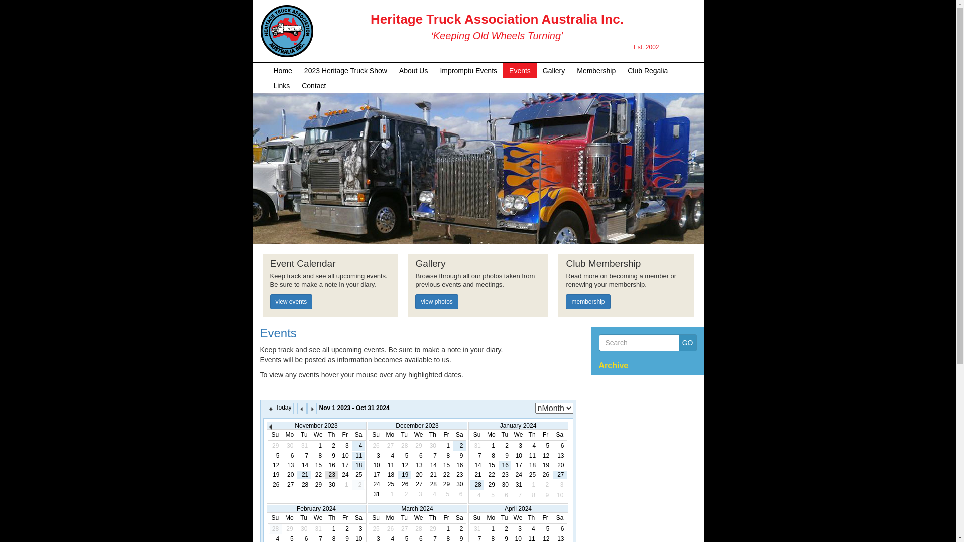 The width and height of the screenshot is (964, 542). Describe the element at coordinates (392, 70) in the screenshot. I see `'About Us'` at that location.